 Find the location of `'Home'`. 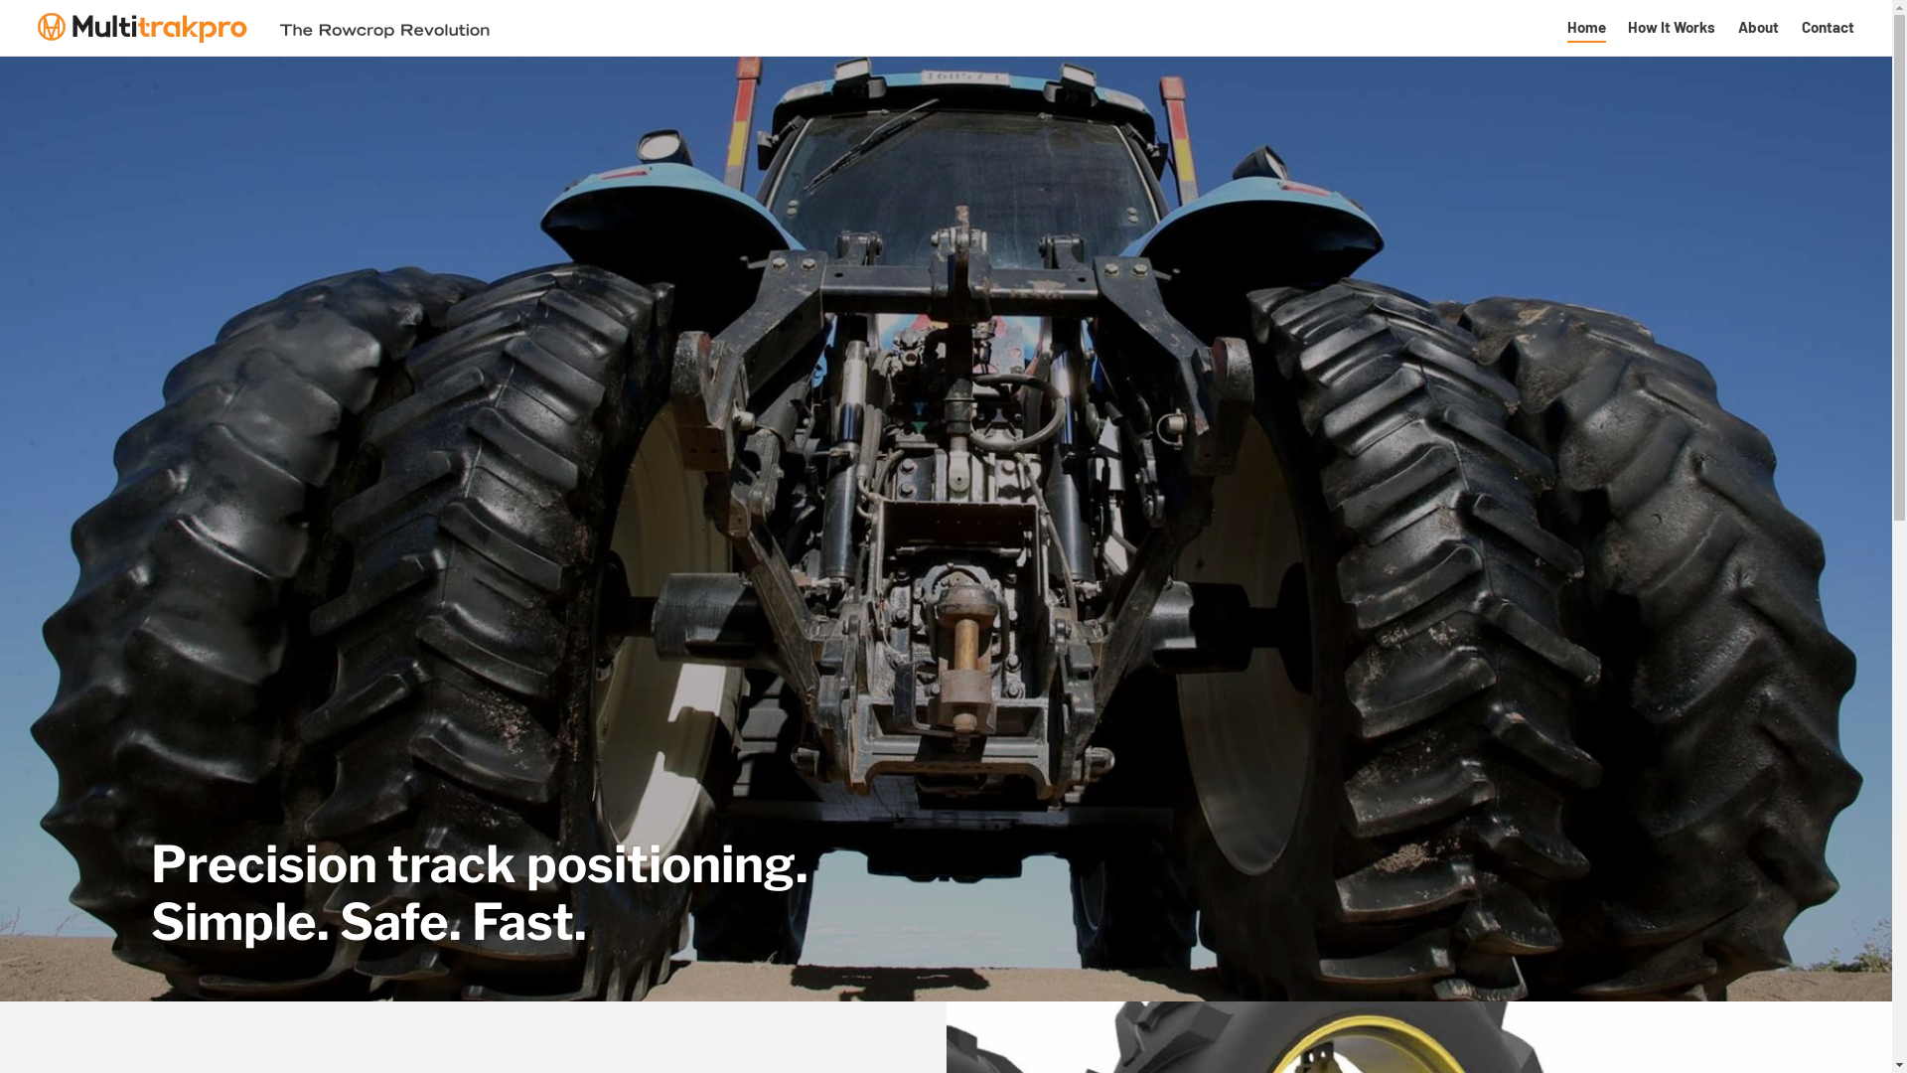

'Home' is located at coordinates (1585, 27).